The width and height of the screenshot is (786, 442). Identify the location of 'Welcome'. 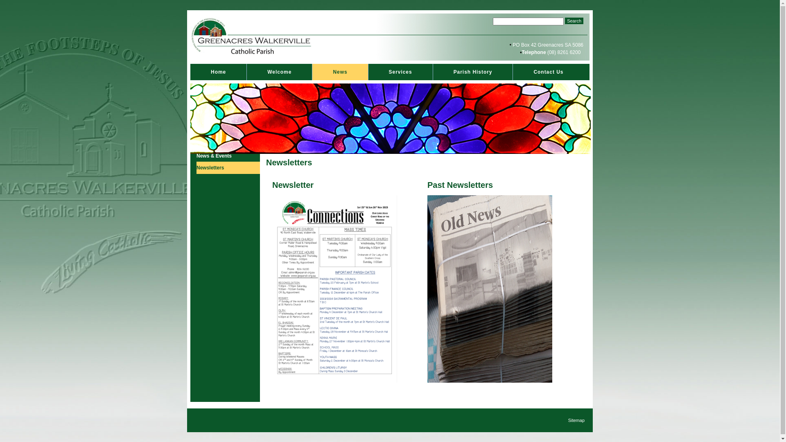
(279, 72).